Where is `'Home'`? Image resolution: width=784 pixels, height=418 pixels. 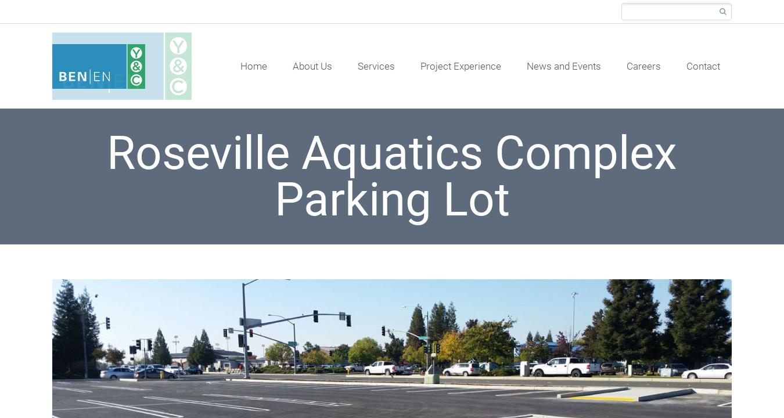
'Home' is located at coordinates (253, 66).